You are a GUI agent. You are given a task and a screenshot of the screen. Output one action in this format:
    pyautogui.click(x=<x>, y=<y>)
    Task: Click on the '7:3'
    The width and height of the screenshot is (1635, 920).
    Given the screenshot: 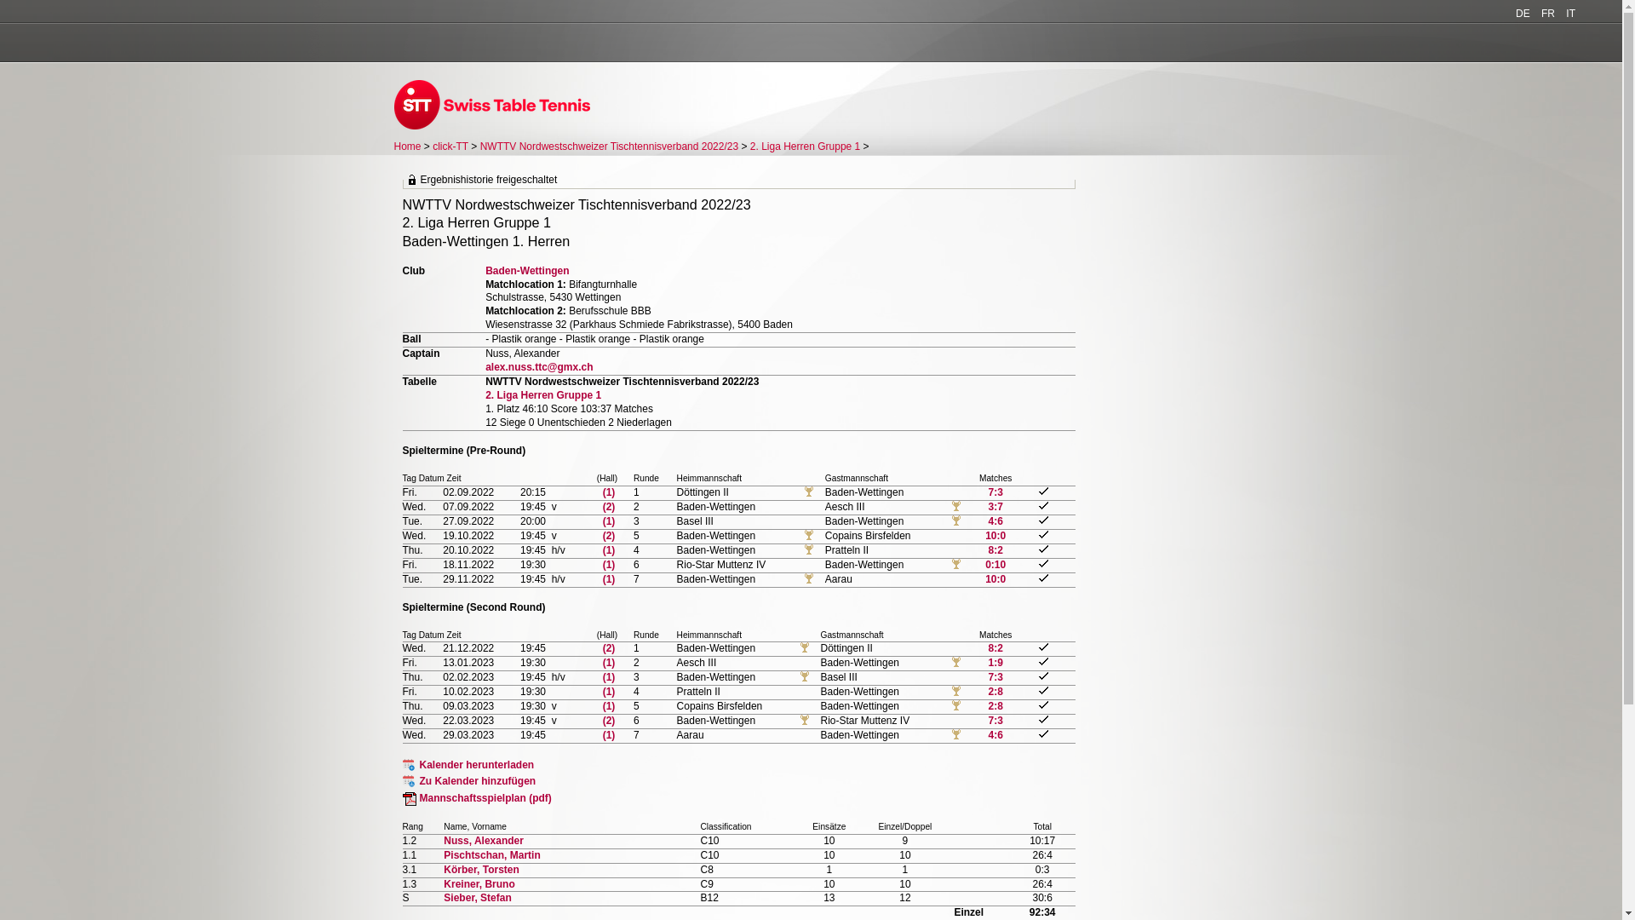 What is the action you would take?
    pyautogui.click(x=989, y=676)
    